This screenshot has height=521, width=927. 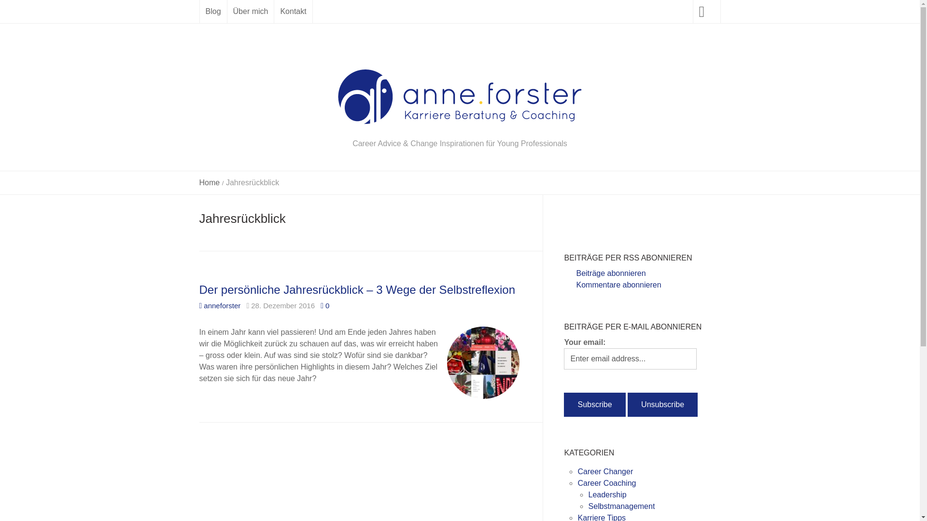 What do you see at coordinates (273, 11) in the screenshot?
I see `'Kontakt'` at bounding box center [273, 11].